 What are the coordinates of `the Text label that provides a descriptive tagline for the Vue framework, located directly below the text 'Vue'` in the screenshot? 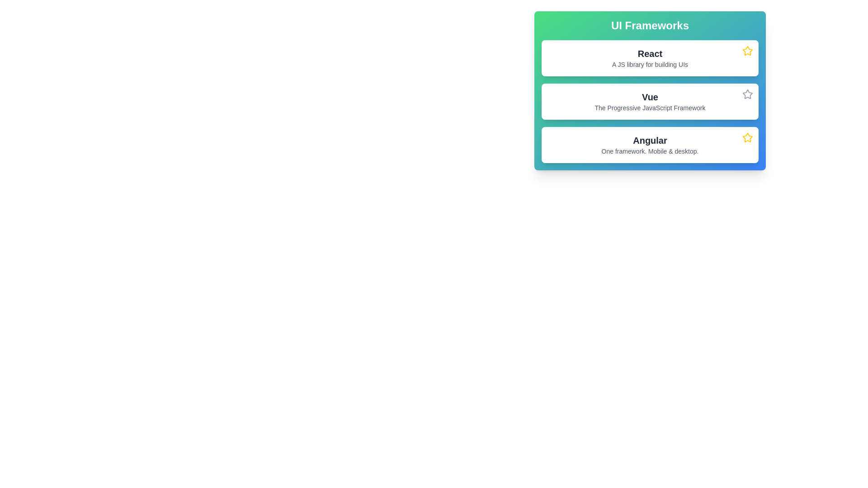 It's located at (650, 108).